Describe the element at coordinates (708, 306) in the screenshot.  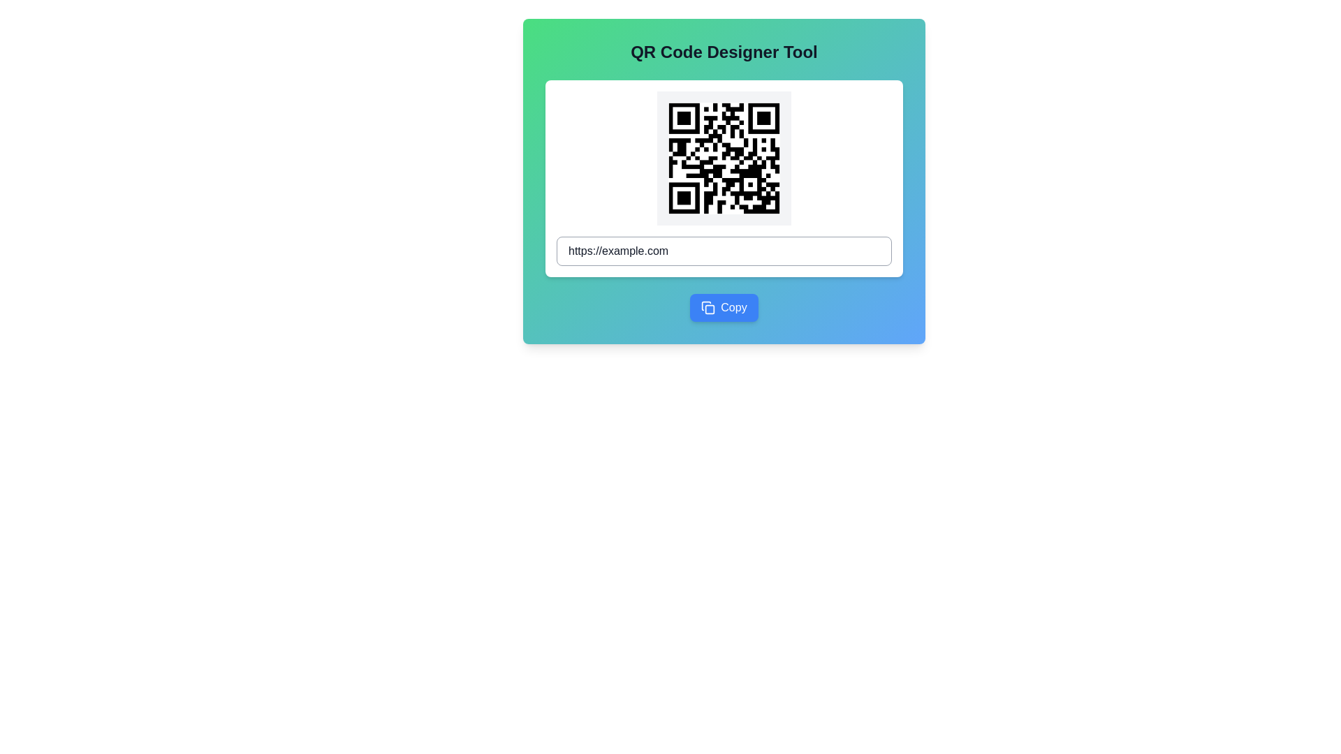
I see `the copy icon located to the left of the 'Copy' button at the bottom of the card layout` at that location.